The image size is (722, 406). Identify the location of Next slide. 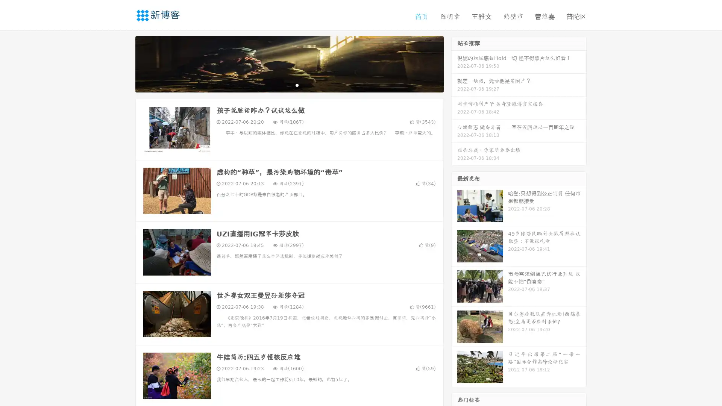
(454, 63).